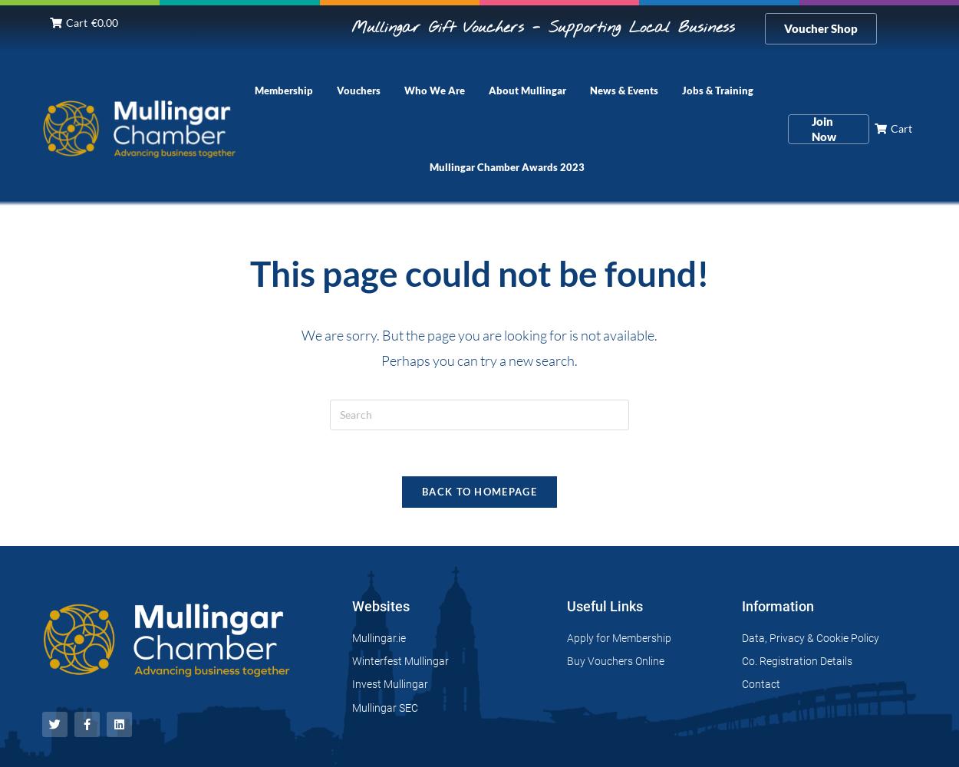 This screenshot has width=959, height=767. What do you see at coordinates (615, 660) in the screenshot?
I see `'Buy Vouchers Online'` at bounding box center [615, 660].